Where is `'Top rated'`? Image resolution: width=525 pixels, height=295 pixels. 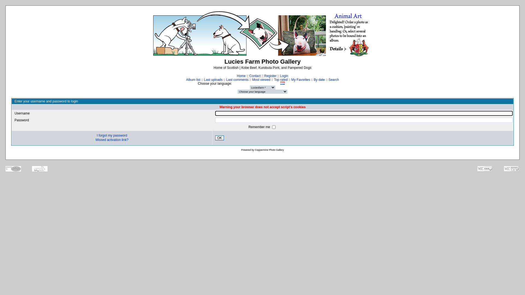 'Top rated' is located at coordinates (281, 80).